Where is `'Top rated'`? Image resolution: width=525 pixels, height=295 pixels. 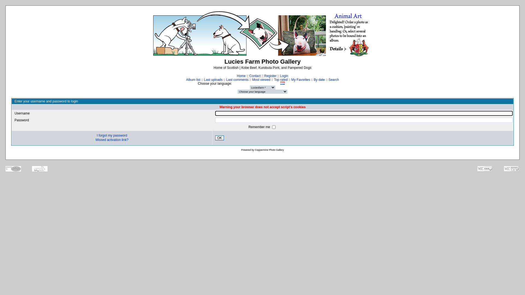 'Top rated' is located at coordinates (281, 80).